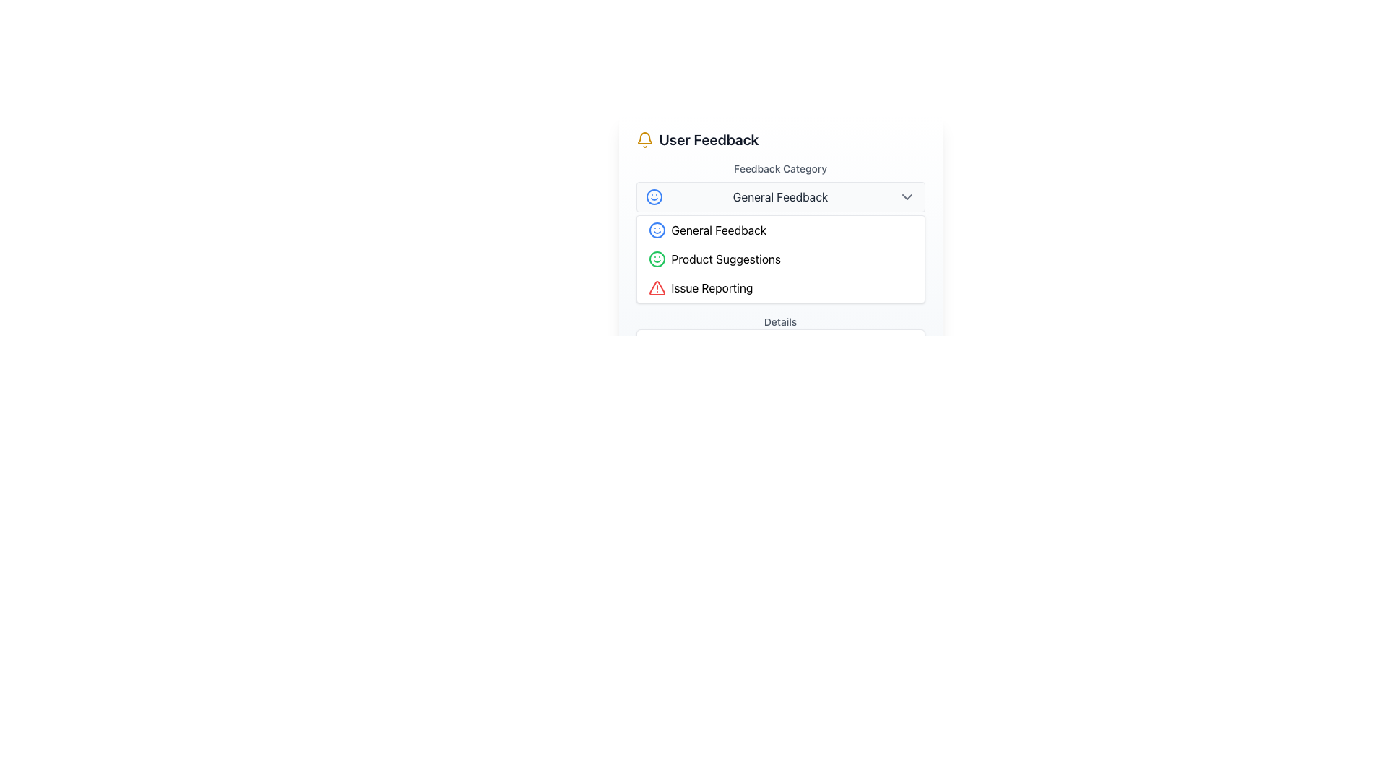 The height and width of the screenshot is (780, 1387). What do you see at coordinates (779, 168) in the screenshot?
I see `the text label indicating the purpose of the dropdown menu for 'General Feedback', which is located directly beneath the title 'User Feedback'` at bounding box center [779, 168].